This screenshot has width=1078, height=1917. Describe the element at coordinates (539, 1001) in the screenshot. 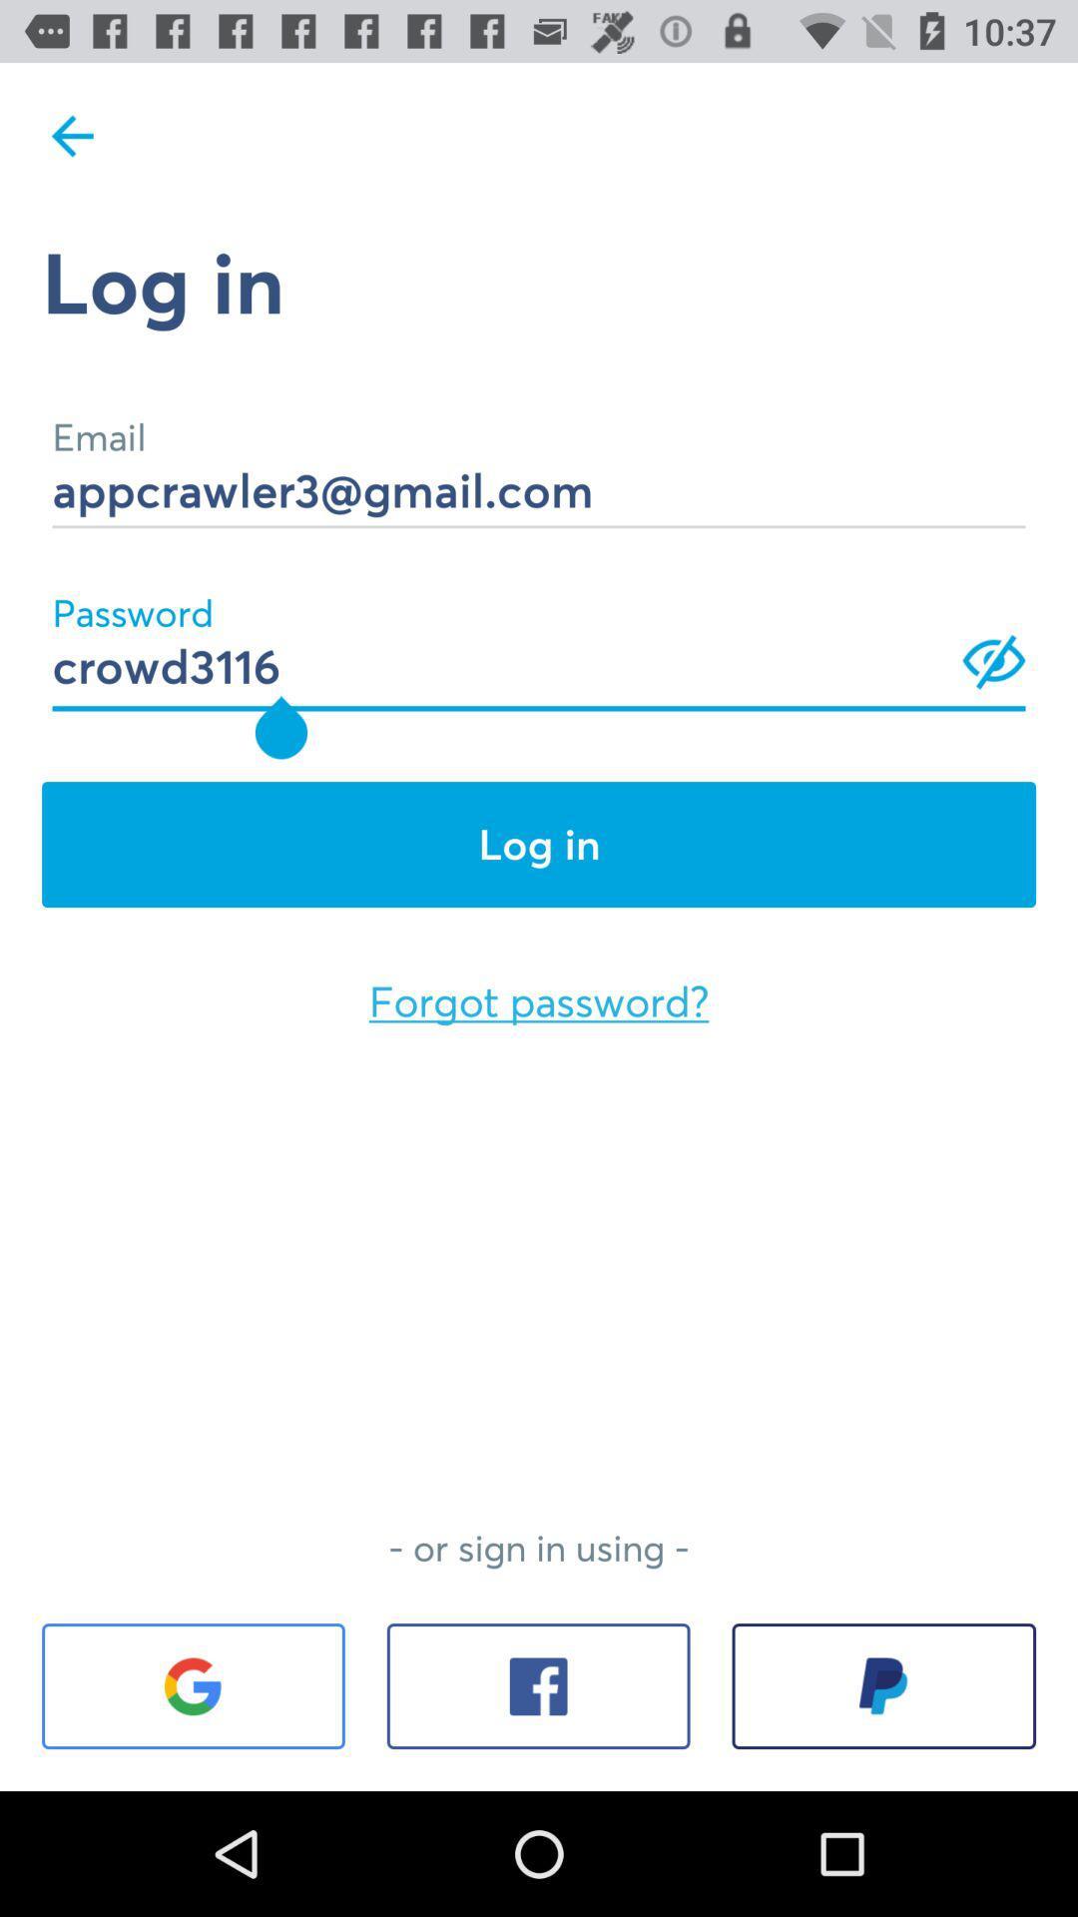

I see `icon above the or sign in icon` at that location.